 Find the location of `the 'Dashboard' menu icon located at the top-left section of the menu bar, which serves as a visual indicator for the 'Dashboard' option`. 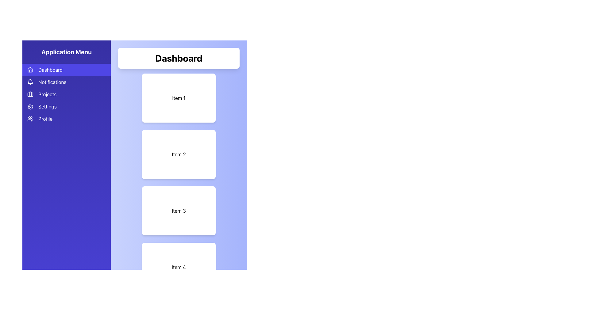

the 'Dashboard' menu icon located at the top-left section of the menu bar, which serves as a visual indicator for the 'Dashboard' option is located at coordinates (30, 69).